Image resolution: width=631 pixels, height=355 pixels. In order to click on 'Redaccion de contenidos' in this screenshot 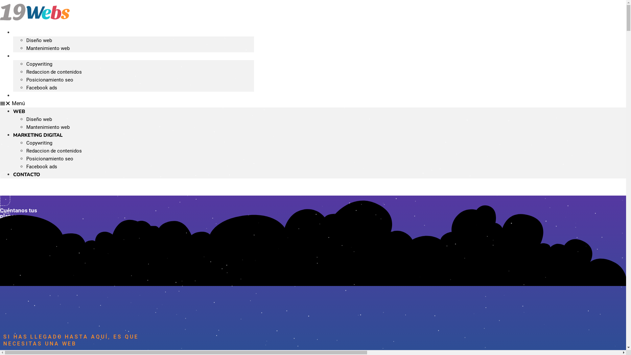, I will do `click(54, 72)`.